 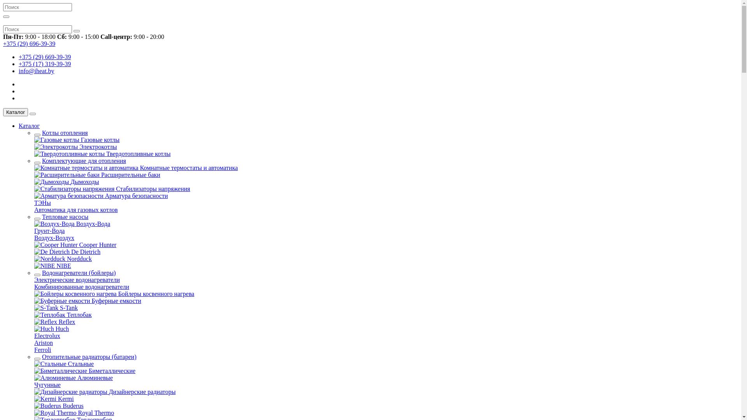 What do you see at coordinates (44, 63) in the screenshot?
I see `'+375 (17) 319-39-39'` at bounding box center [44, 63].